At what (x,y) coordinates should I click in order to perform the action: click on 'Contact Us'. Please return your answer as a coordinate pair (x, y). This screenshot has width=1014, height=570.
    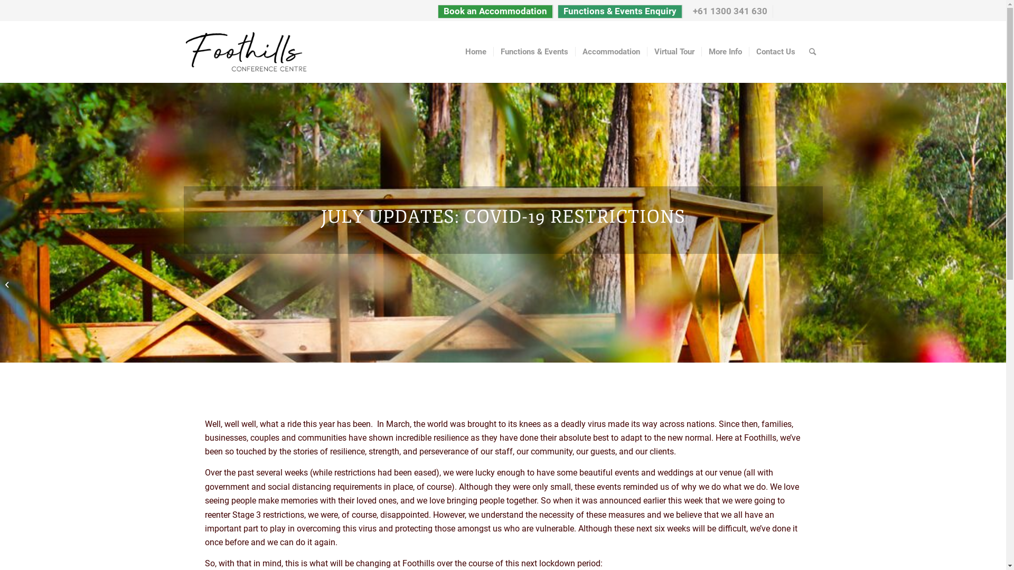
    Looking at the image, I should click on (775, 51).